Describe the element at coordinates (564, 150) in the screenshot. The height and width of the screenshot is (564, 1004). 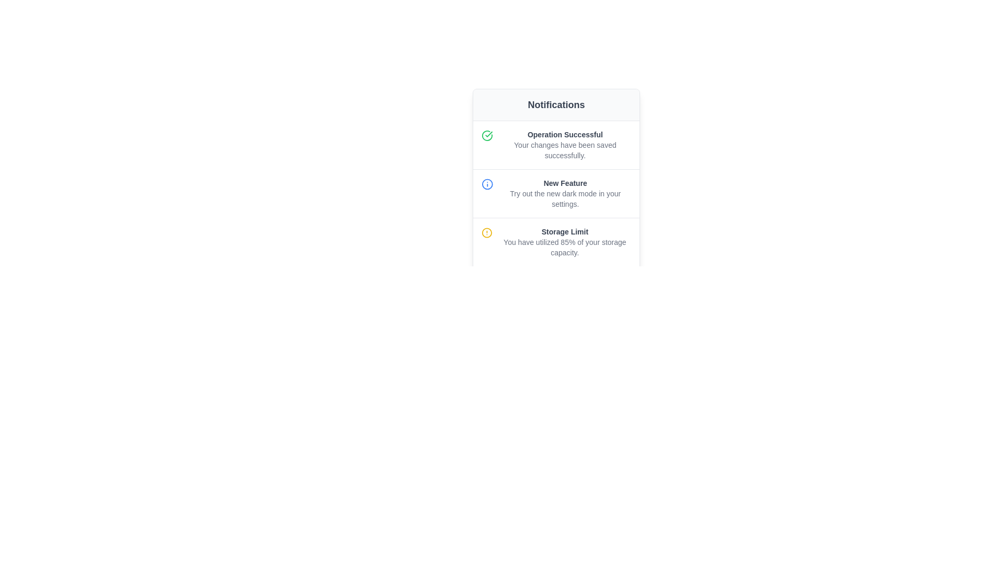
I see `the success message text element located under the header 'Operation Successful' in the notification card` at that location.